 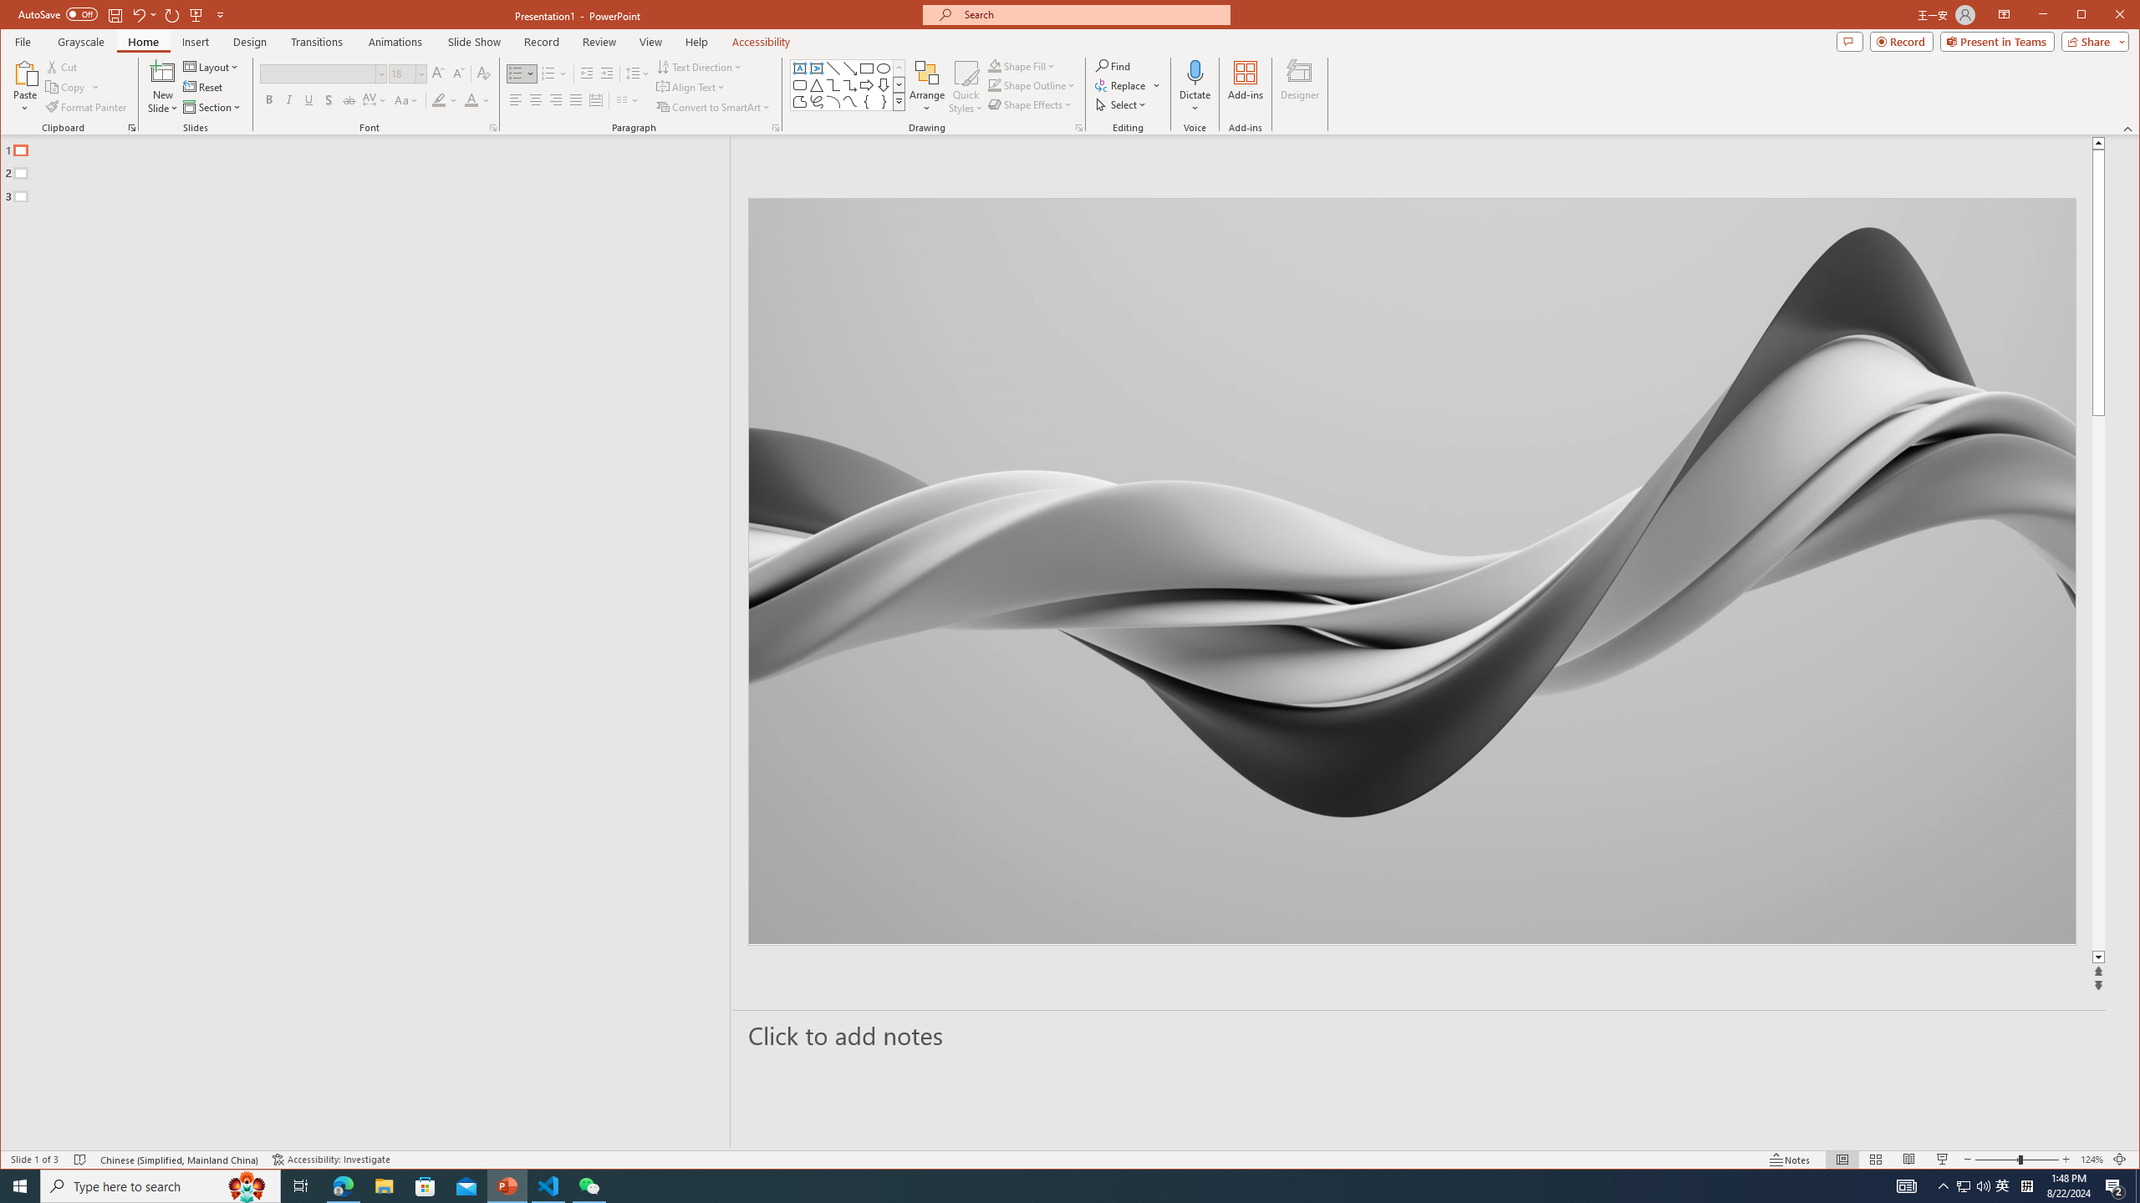 What do you see at coordinates (2092, 1159) in the screenshot?
I see `'Zoom 124%'` at bounding box center [2092, 1159].